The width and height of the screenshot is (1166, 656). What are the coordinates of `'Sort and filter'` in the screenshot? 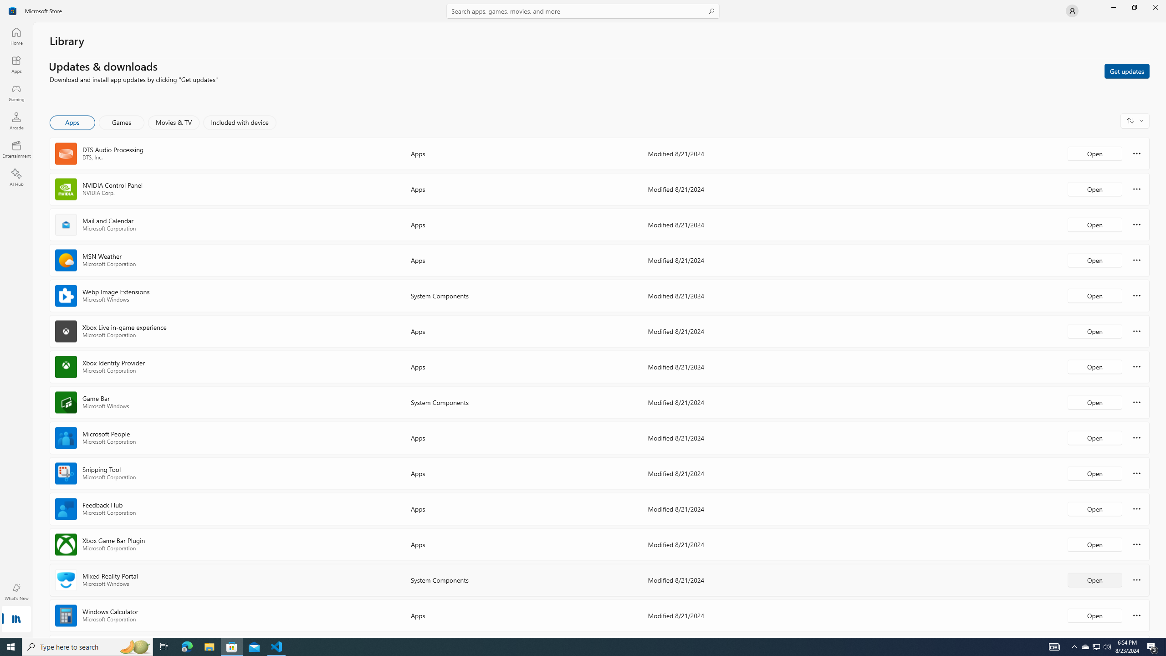 It's located at (1135, 120).